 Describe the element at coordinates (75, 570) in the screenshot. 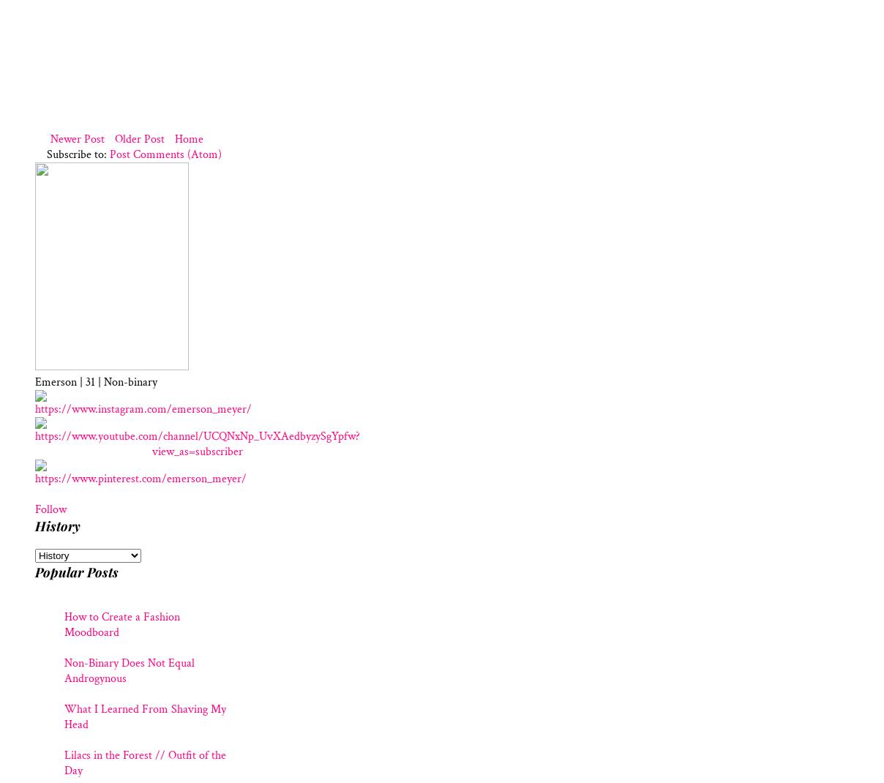

I see `'Popular Posts'` at that location.